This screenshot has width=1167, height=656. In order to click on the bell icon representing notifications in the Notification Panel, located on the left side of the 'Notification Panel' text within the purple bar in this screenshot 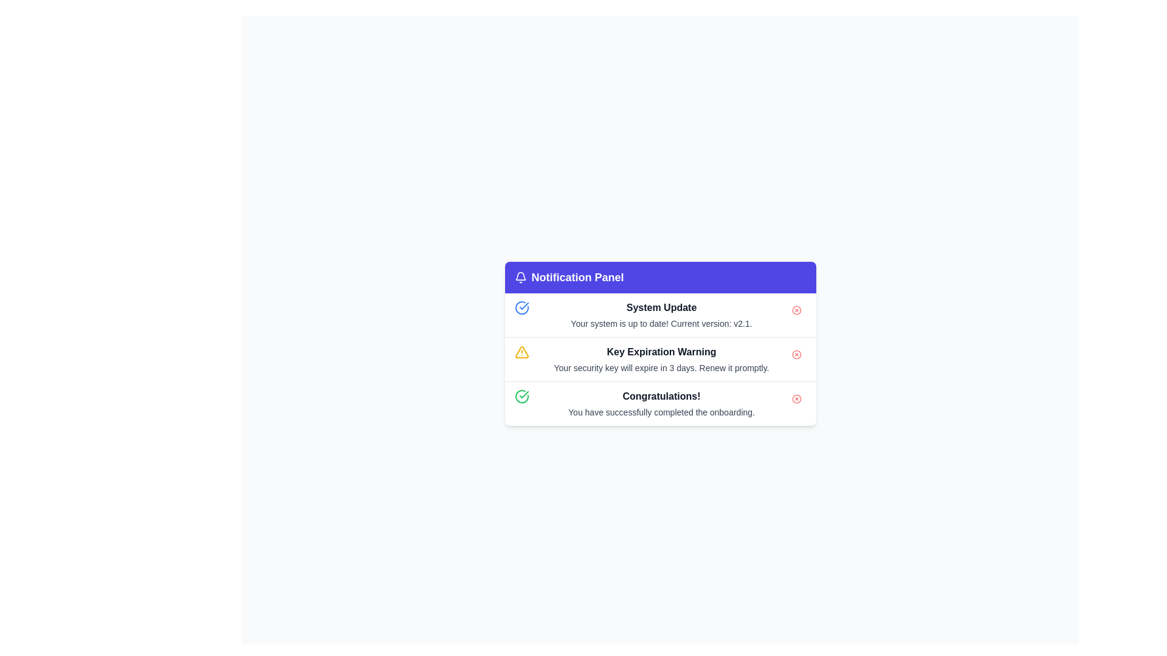, I will do `click(520, 277)`.